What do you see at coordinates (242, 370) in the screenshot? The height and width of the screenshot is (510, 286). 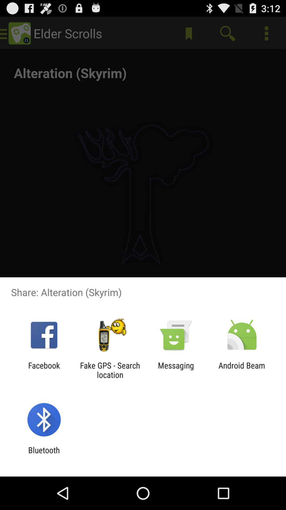 I see `icon next to messaging` at bounding box center [242, 370].